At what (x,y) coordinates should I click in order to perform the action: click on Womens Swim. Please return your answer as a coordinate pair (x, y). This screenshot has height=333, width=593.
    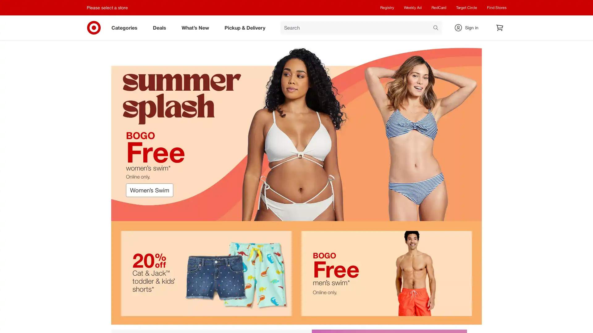
    Looking at the image, I should click on (149, 190).